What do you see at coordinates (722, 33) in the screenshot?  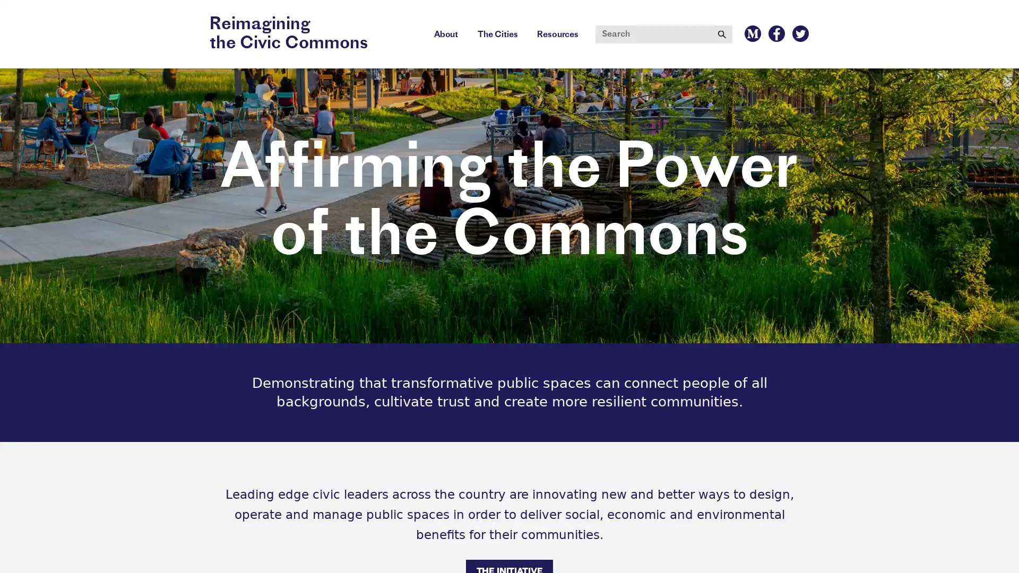 I see `Submit` at bounding box center [722, 33].